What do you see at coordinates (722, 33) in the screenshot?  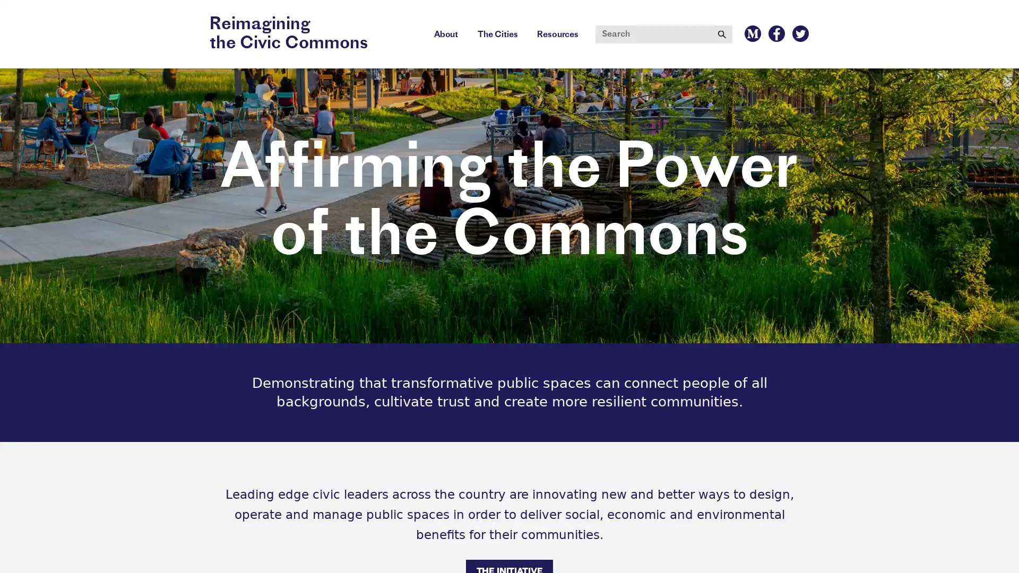 I see `Submit` at bounding box center [722, 33].